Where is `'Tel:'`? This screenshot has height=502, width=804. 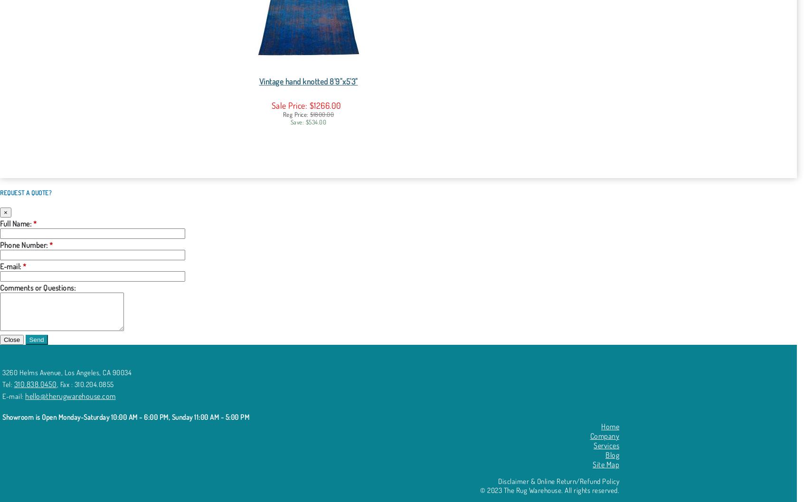 'Tel:' is located at coordinates (7, 384).